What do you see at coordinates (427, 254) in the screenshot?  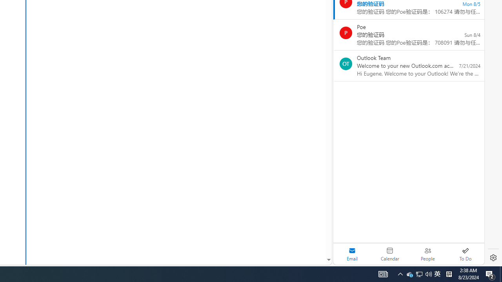 I see `'People'` at bounding box center [427, 254].